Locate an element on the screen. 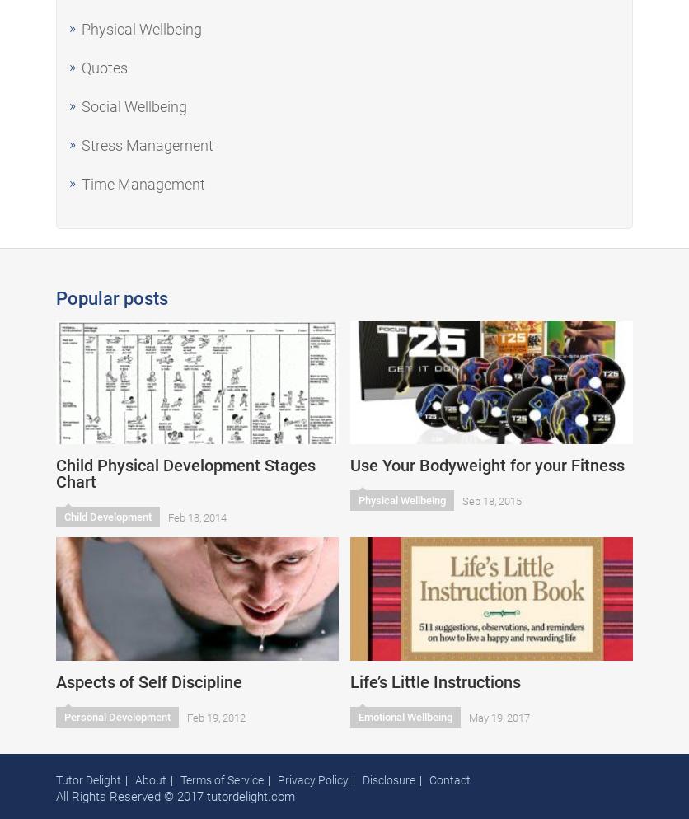 The width and height of the screenshot is (689, 819). 'Sep 18, 2015' is located at coordinates (462, 500).